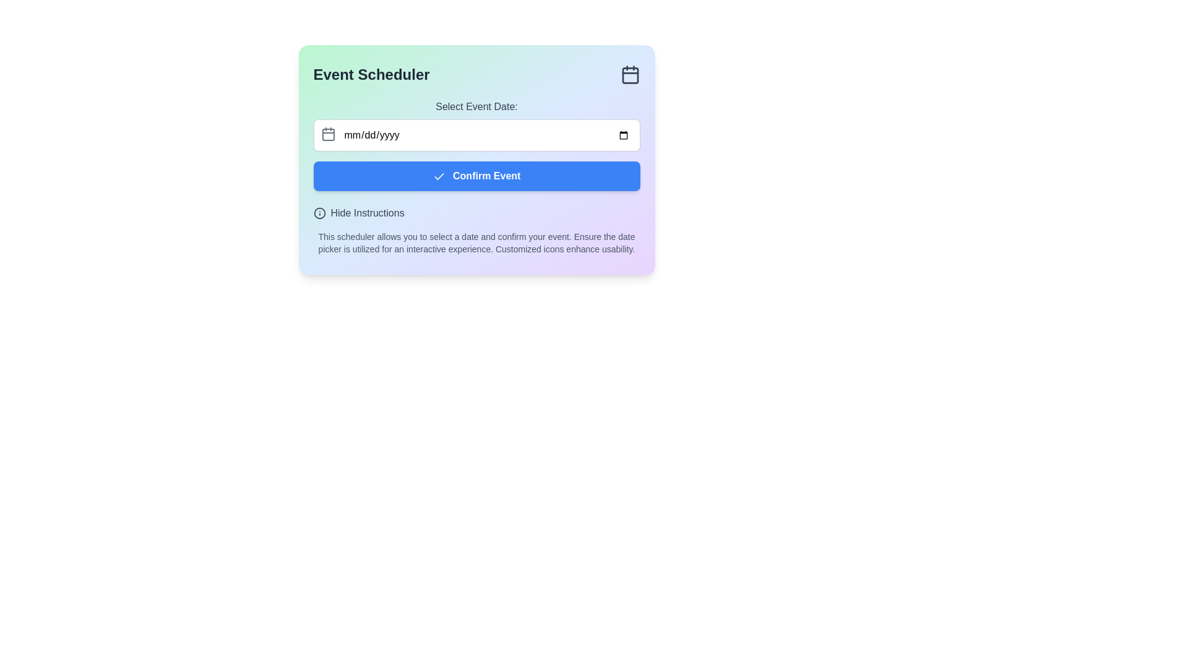  I want to click on the rounded rectangle element within the calendar icon located in the top-right corner of the scheduling interface, so click(630, 75).